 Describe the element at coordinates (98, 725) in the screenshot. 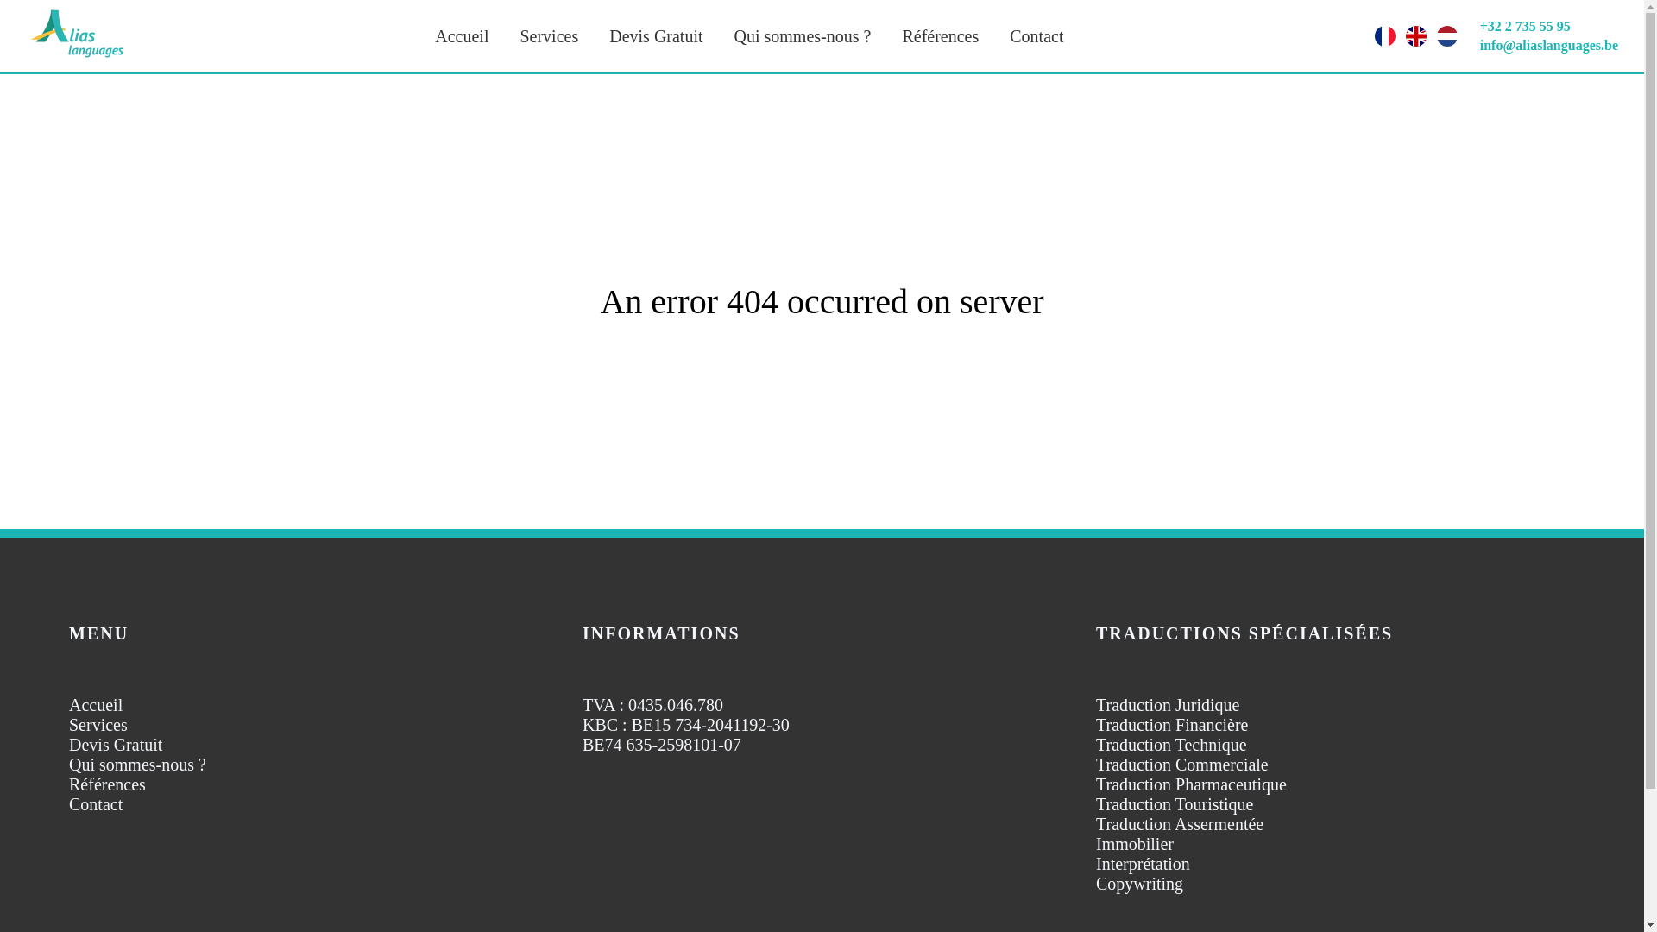

I see `'Services'` at that location.